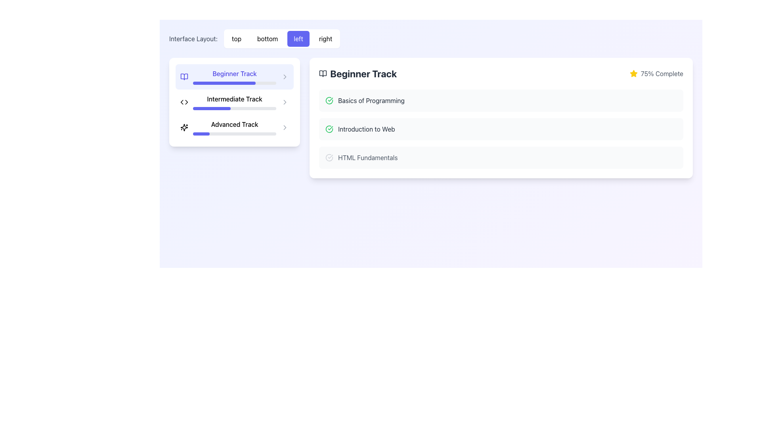 The height and width of the screenshot is (428, 761). What do you see at coordinates (323, 73) in the screenshot?
I see `the visual indicator icon associated with the 'Beginner Track' title, located to the left of the text` at bounding box center [323, 73].